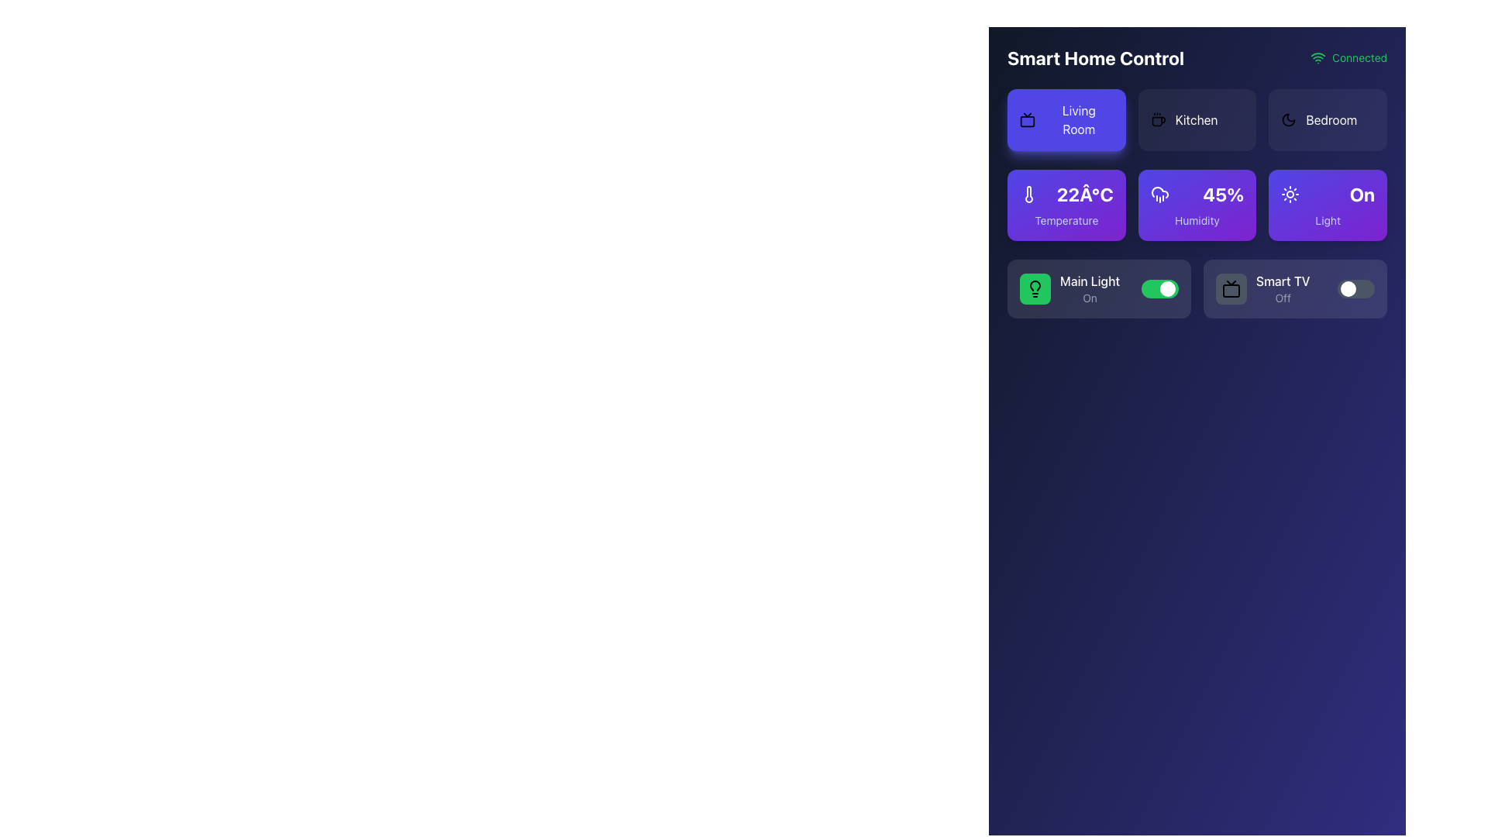  I want to click on the text label 'On' which is styled in gray and located below the 'Main Light' label, so click(1089, 298).